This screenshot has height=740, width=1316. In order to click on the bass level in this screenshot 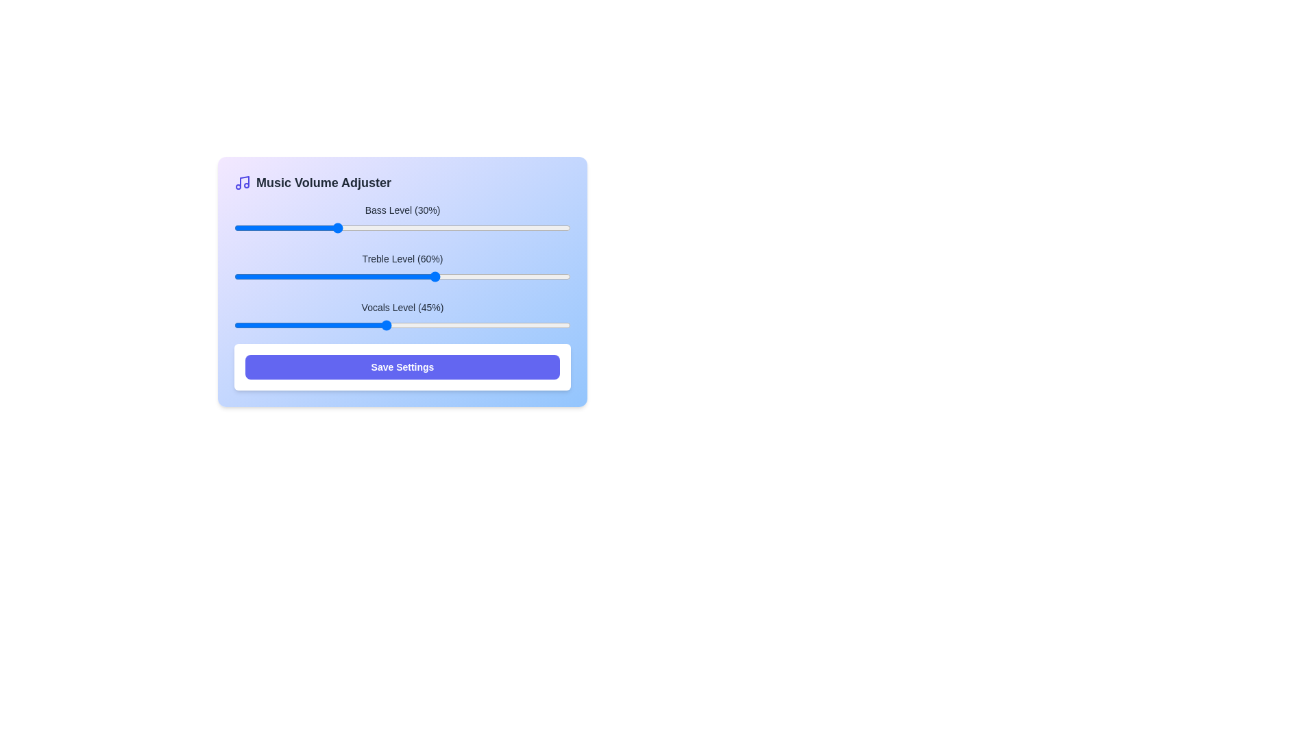, I will do `click(493, 227)`.